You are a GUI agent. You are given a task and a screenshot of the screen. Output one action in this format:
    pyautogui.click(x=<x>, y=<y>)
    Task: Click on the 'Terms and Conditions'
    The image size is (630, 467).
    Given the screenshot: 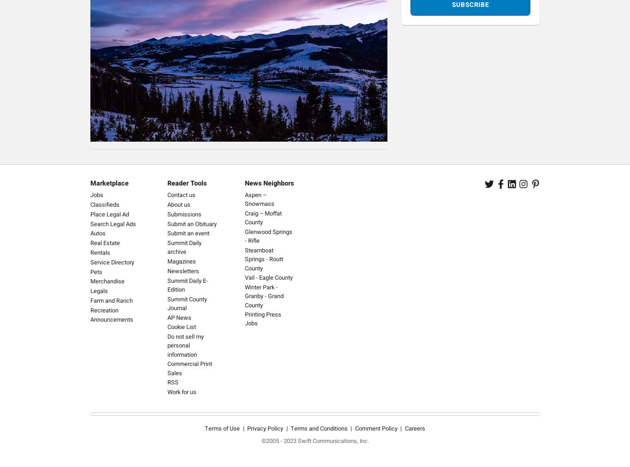 What is the action you would take?
    pyautogui.click(x=319, y=428)
    